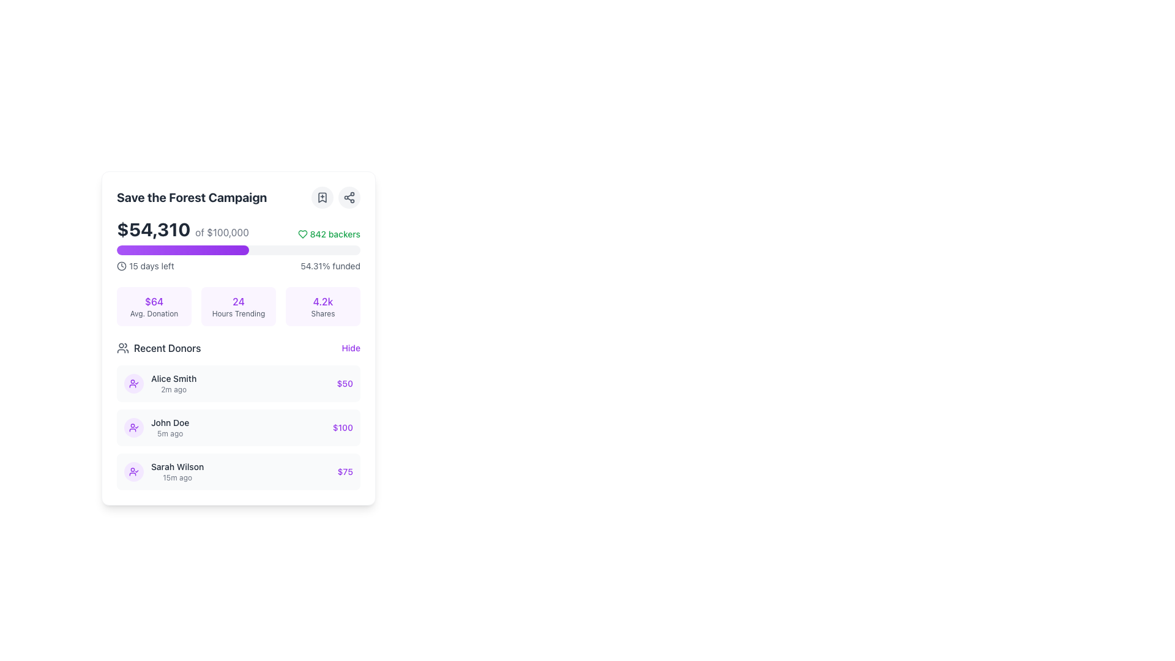  I want to click on the text label displaying '842 backers', which is styled in green and located next to a heart icon at the top-right part of the 'Save the Forest Campaign' card, so click(335, 234).